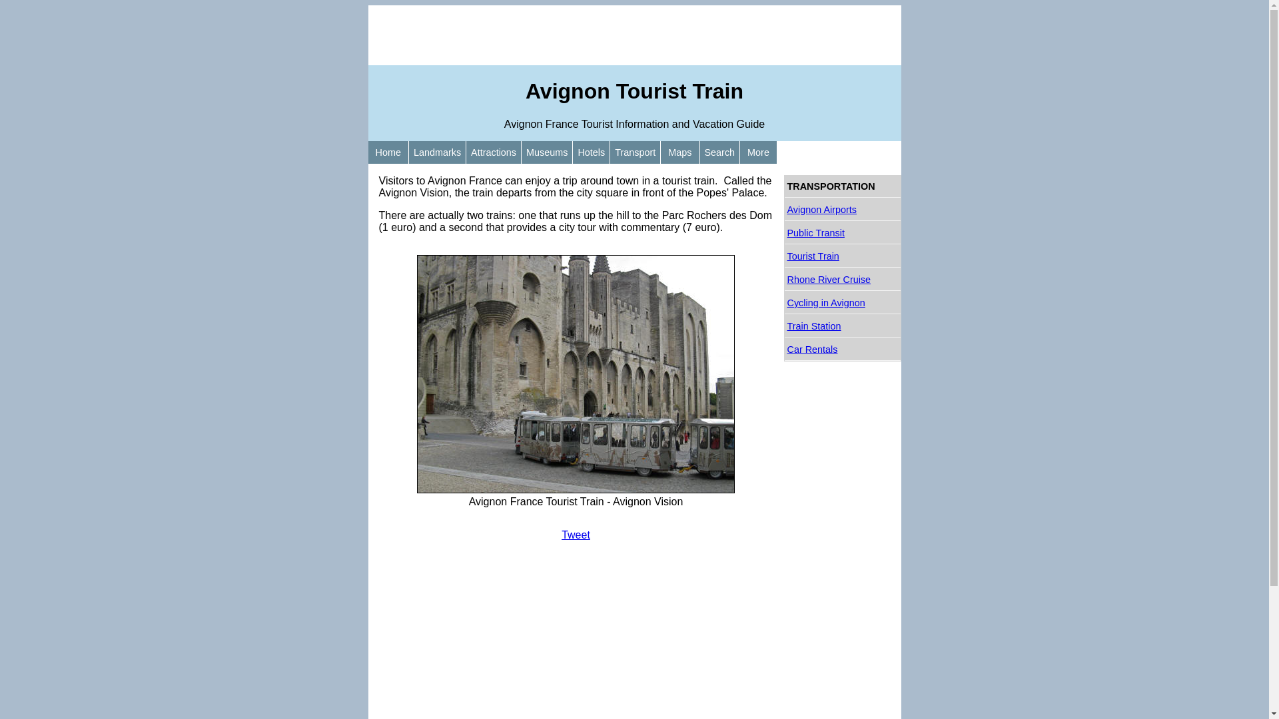 This screenshot has width=1279, height=719. What do you see at coordinates (842, 349) in the screenshot?
I see `'Car Rentals'` at bounding box center [842, 349].